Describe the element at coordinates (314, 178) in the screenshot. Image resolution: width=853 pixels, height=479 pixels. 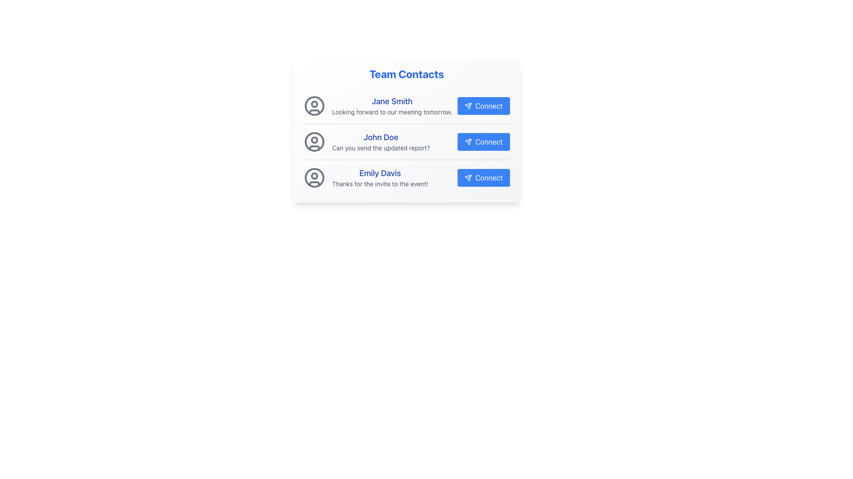
I see `the user avatar representing 'Emily Davis' in the 'Team Contacts' panel, which is located to the left of the text 'Emily Davis' and above the description 'Thanks for the invite to the event.'` at that location.